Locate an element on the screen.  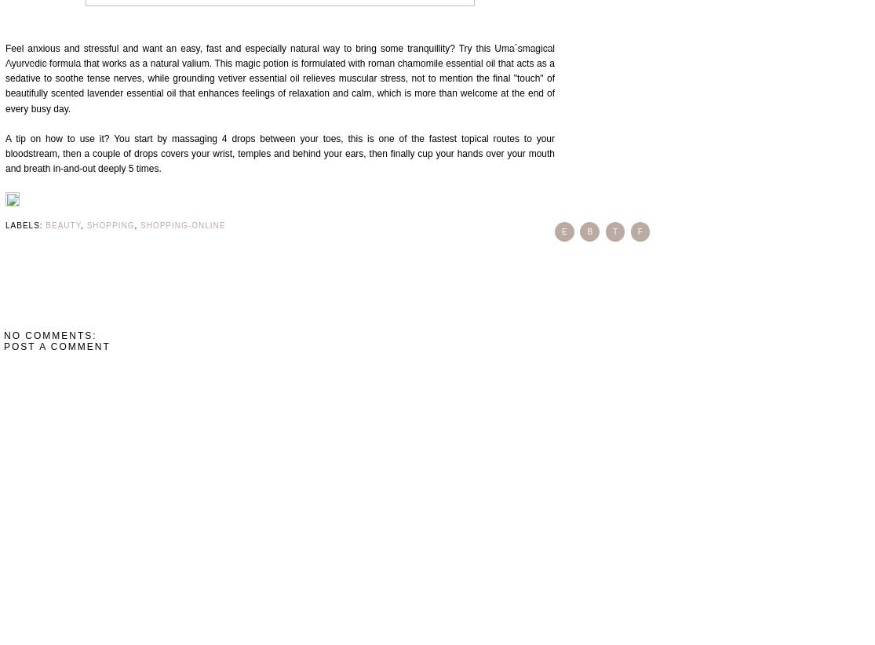
'Feel anxious and stressful and want an easy, fast and especially natural way to bring some tranquillity? Try this' is located at coordinates (250, 47).